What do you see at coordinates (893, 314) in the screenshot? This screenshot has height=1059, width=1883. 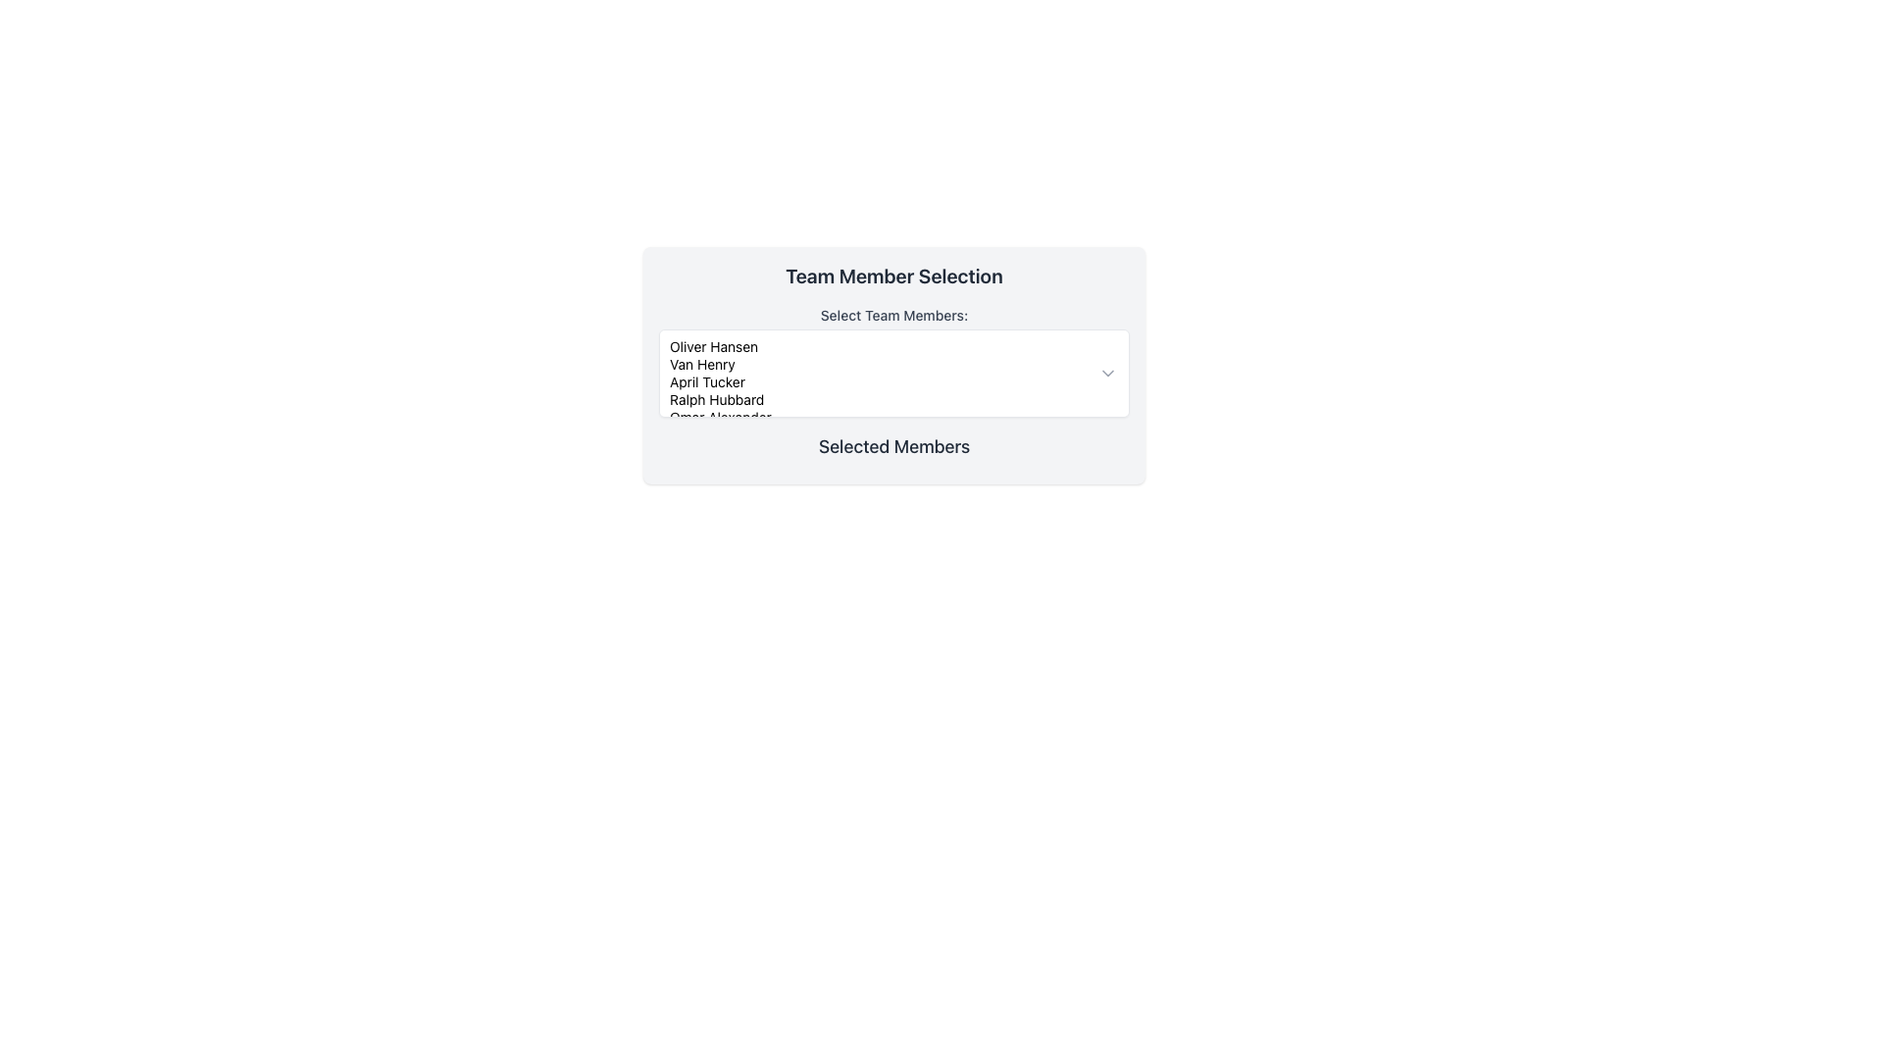 I see `the label that informs the user about the dropdown menu for selecting team members, located above the dropdown list` at bounding box center [893, 314].